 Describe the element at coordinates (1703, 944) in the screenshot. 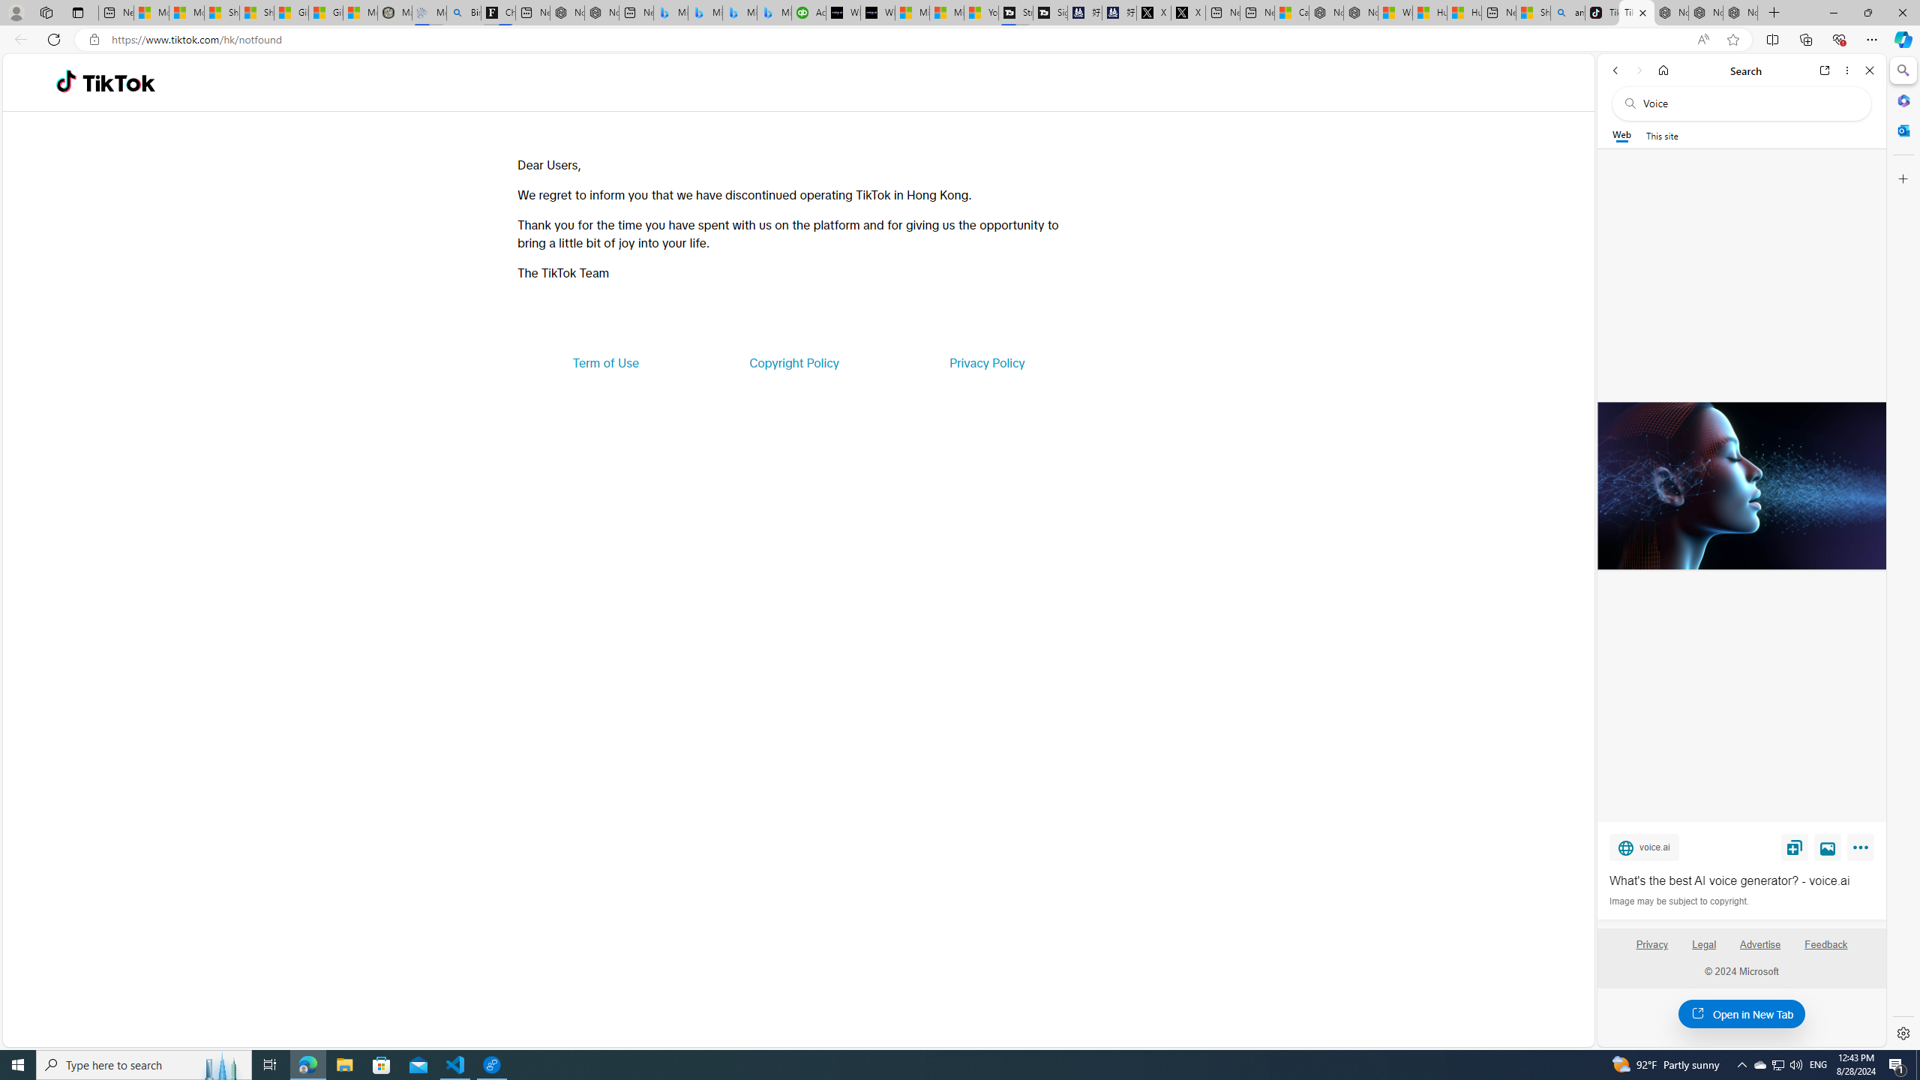

I see `'Legal'` at that location.